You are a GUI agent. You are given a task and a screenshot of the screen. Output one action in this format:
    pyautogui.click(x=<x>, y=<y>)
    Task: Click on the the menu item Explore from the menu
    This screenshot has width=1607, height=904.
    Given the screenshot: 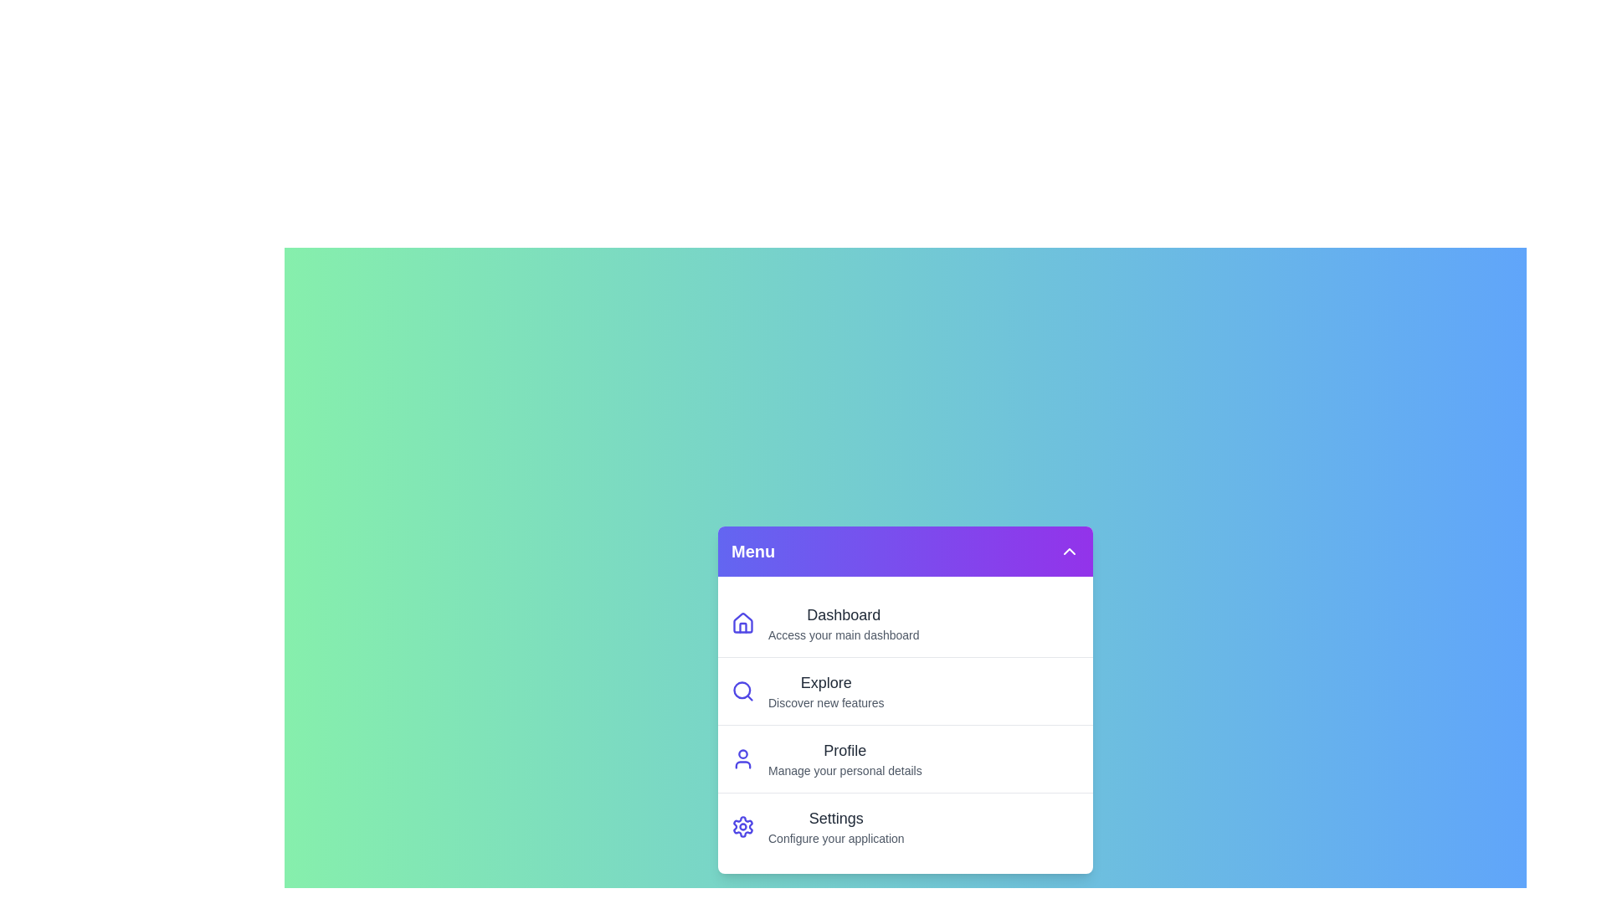 What is the action you would take?
    pyautogui.click(x=904, y=691)
    